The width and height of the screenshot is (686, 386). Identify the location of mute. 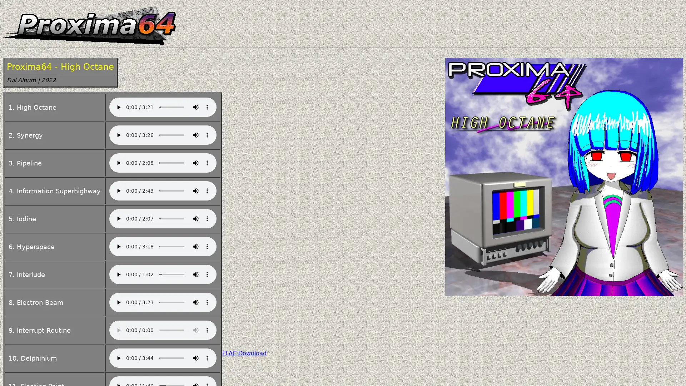
(195, 107).